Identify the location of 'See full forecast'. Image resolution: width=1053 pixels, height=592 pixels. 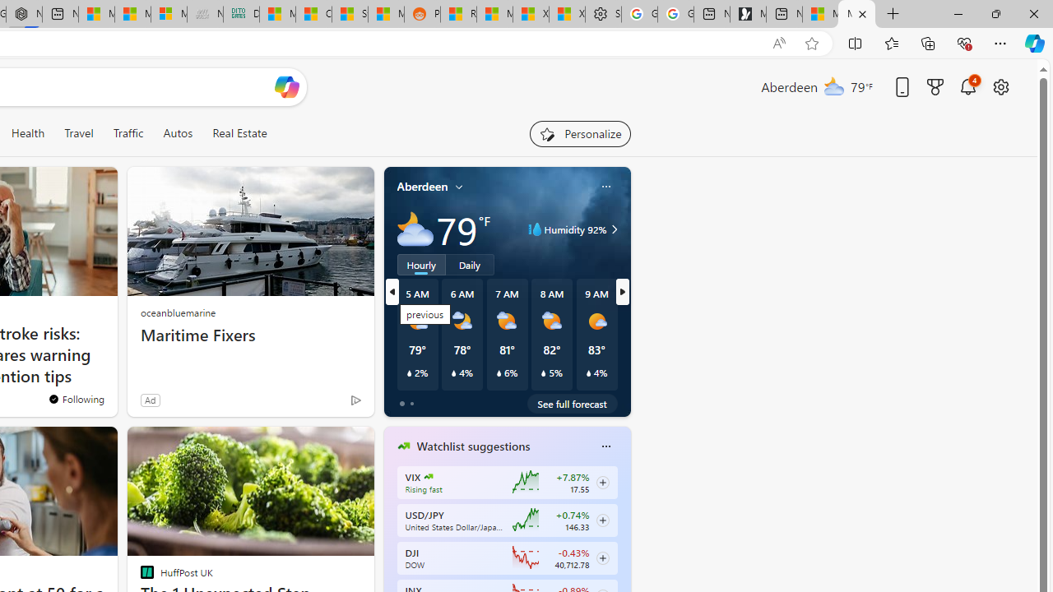
(572, 404).